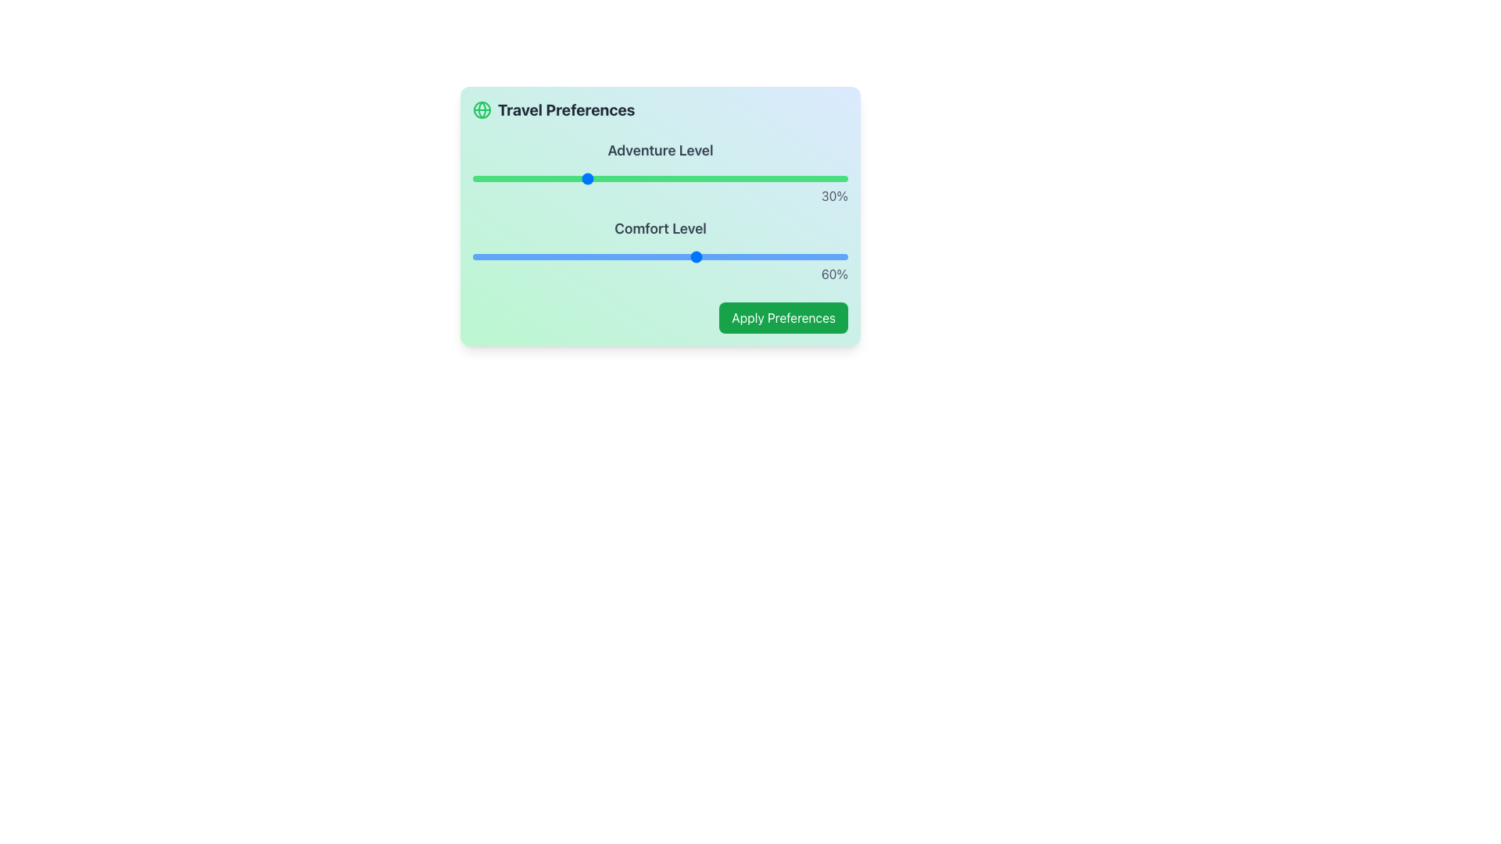 The height and width of the screenshot is (844, 1501). Describe the element at coordinates (788, 256) in the screenshot. I see `the comfort level` at that location.